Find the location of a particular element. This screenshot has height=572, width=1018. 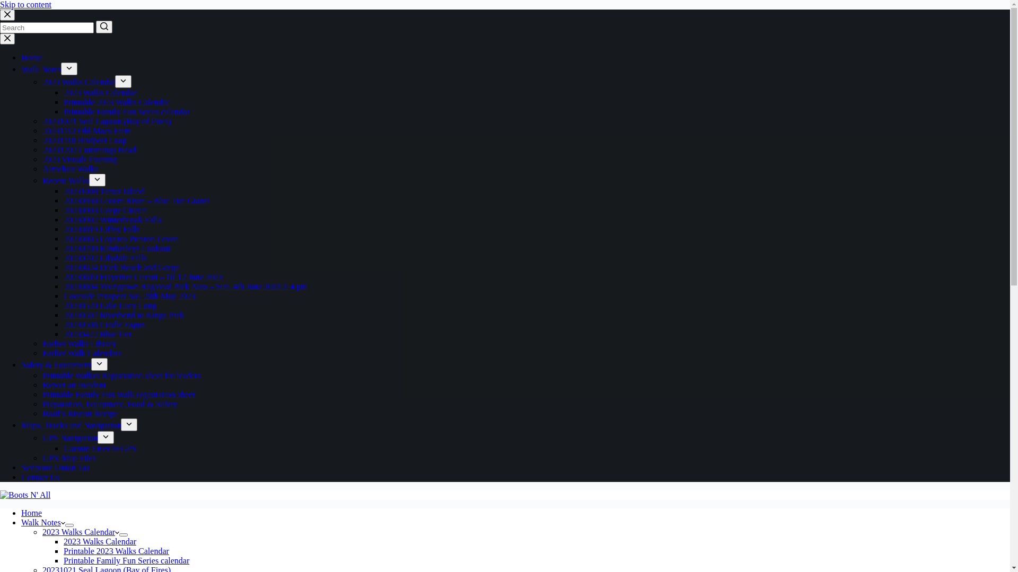

'Caveside Prospect Sat. 20th May 2023' is located at coordinates (129, 296).